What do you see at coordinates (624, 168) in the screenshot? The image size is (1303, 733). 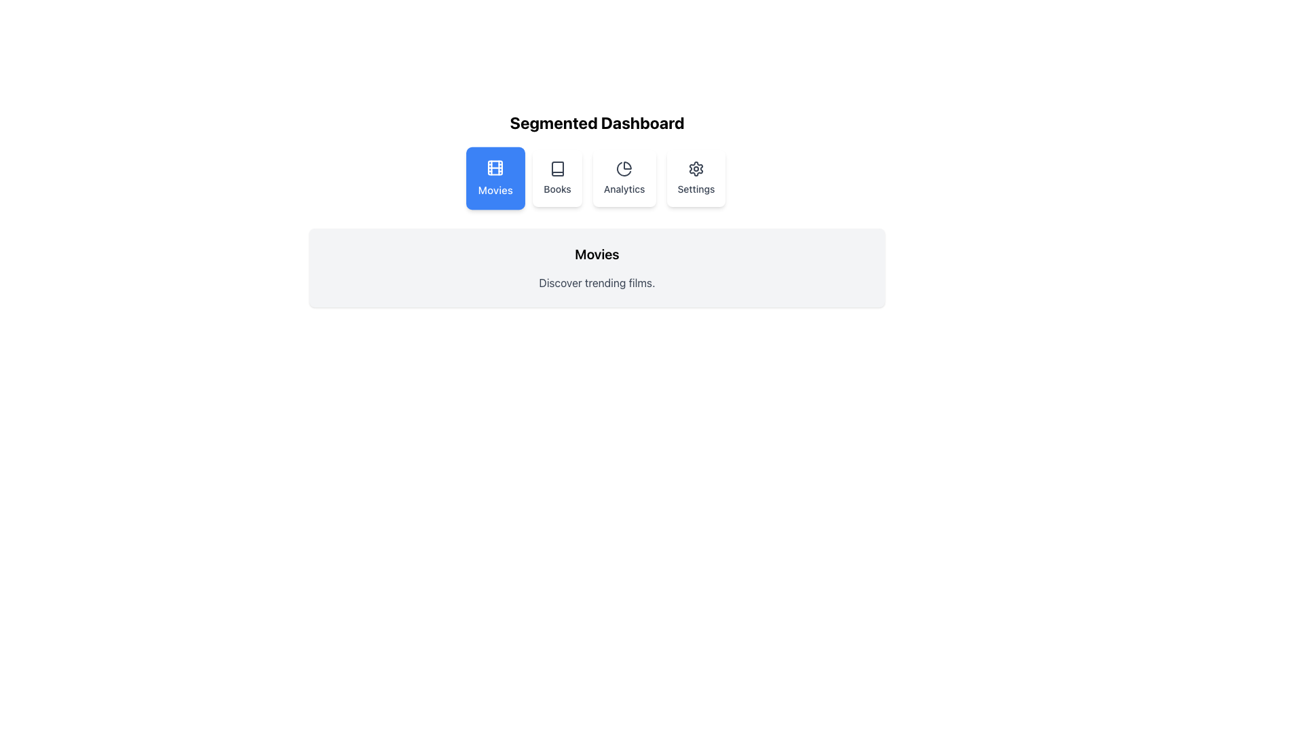 I see `the SVG icon representing a pie chart located in the 'Analytics' tile, which is the third tile in a horizontal arrangement of four tiles` at bounding box center [624, 168].